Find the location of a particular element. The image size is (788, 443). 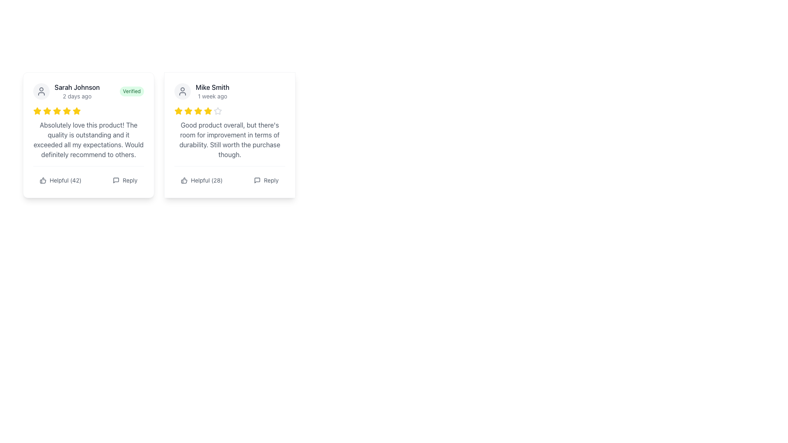

the 'Reply' icon located in the bottom right corner of Sarah Johnson's review card, which visually represents the 'Reply' action is located at coordinates (116, 180).